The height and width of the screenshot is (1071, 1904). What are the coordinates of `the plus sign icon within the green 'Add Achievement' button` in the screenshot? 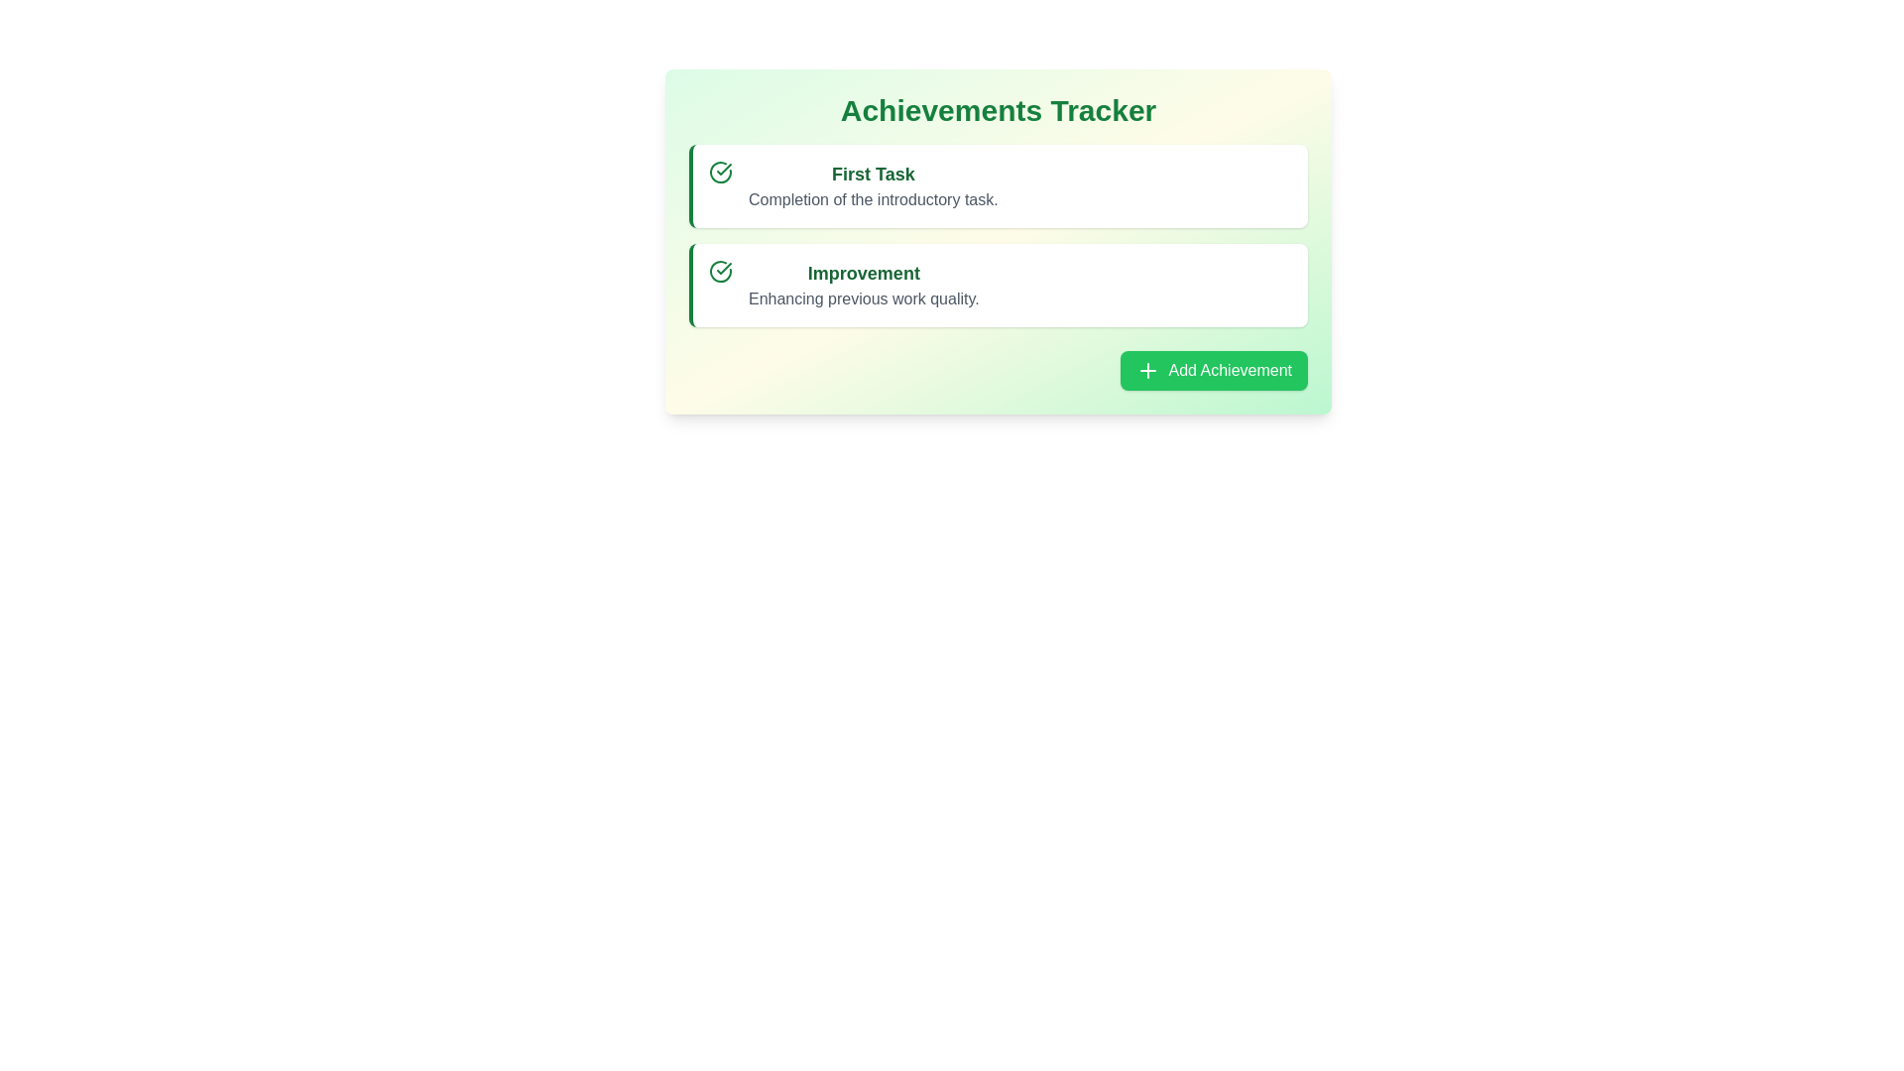 It's located at (1148, 371).